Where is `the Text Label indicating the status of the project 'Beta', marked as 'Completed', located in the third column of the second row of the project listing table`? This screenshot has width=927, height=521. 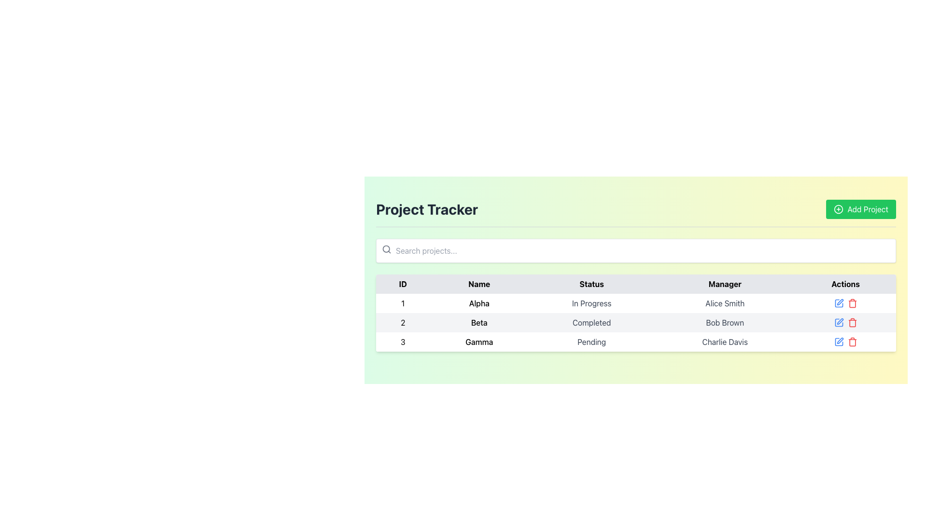 the Text Label indicating the status of the project 'Beta', marked as 'Completed', located in the third column of the second row of the project listing table is located at coordinates (591, 322).